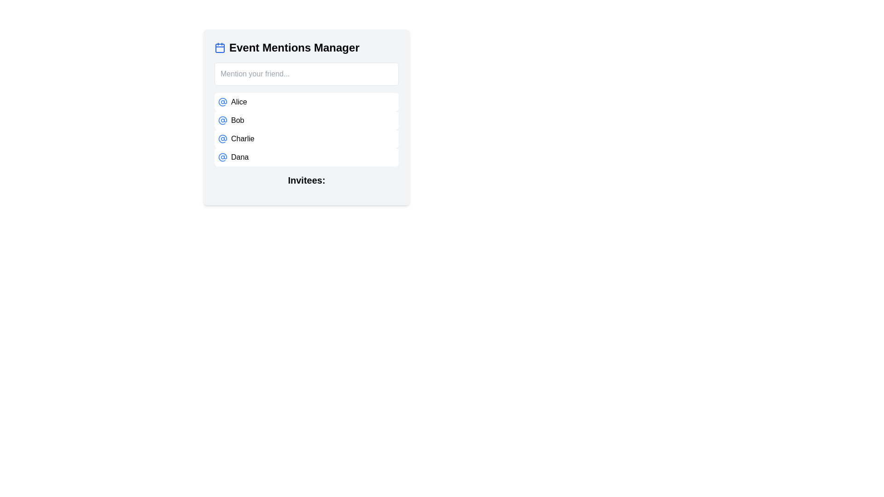 This screenshot has height=497, width=884. What do you see at coordinates (307, 184) in the screenshot?
I see `the text label displaying 'Invitees:' in bold, located near the bottom of the 'Event Mentions Manager' card section` at bounding box center [307, 184].